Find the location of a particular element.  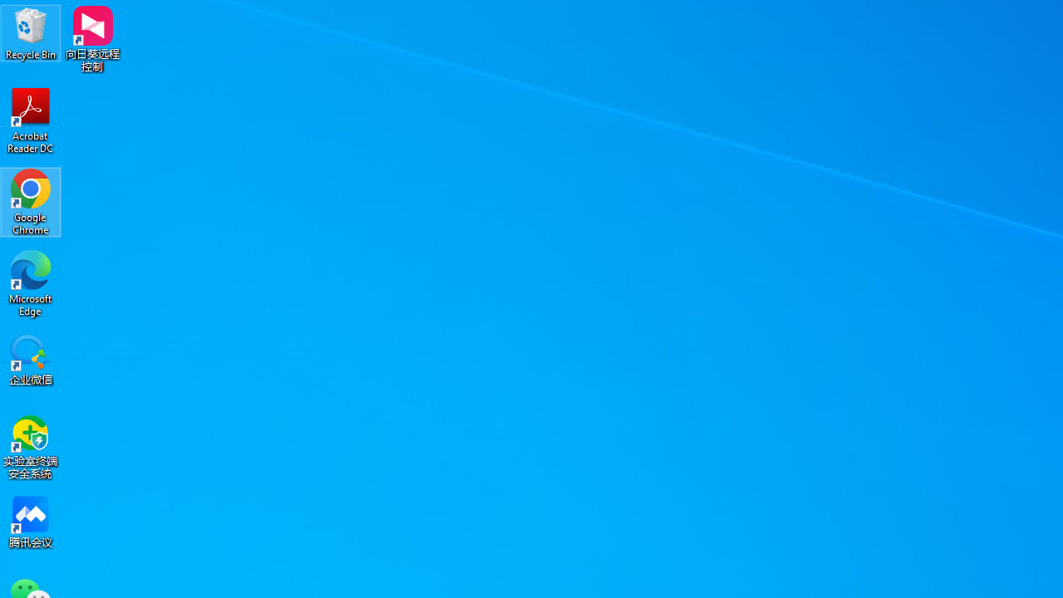

'Acrobat Reader DC' is located at coordinates (31, 120).